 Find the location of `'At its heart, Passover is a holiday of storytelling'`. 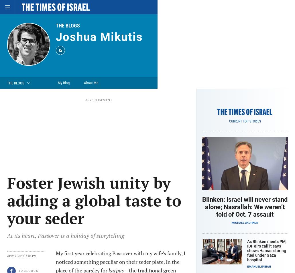

'At its heart, Passover is a holiday of storytelling' is located at coordinates (7, 236).